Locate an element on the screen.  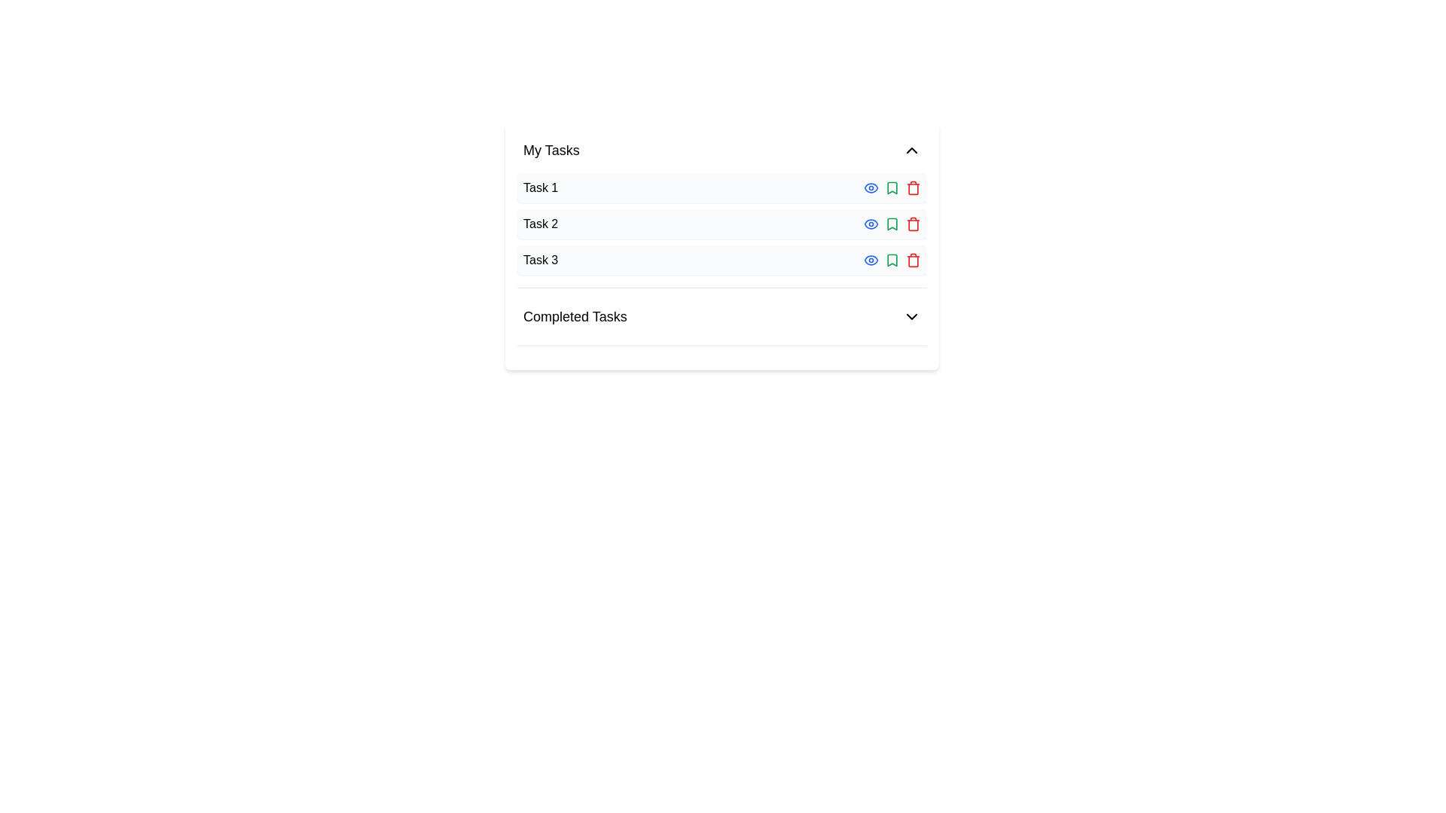
the delete icon button for 'Task 3' in the third row of the 'My Tasks' card is located at coordinates (913, 260).